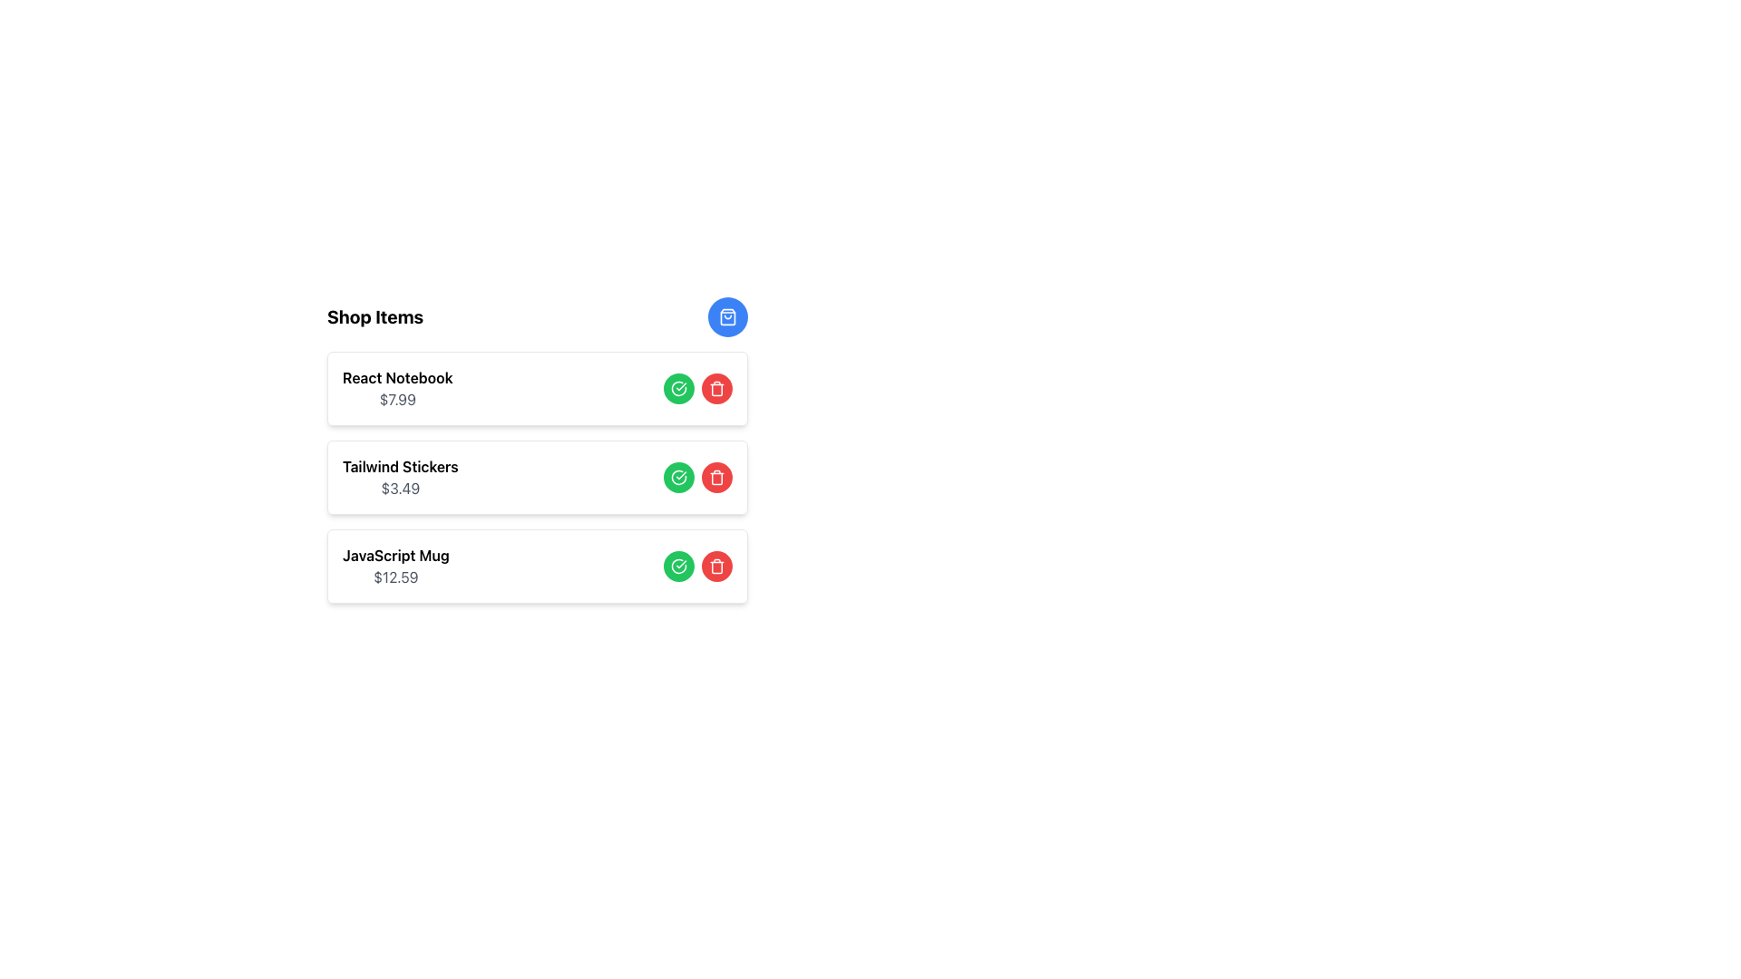 The height and width of the screenshot is (979, 1741). What do you see at coordinates (677, 477) in the screenshot?
I see `the confirmation button located next to 'Tailwind Stickers' in the second list item of the shopping list` at bounding box center [677, 477].